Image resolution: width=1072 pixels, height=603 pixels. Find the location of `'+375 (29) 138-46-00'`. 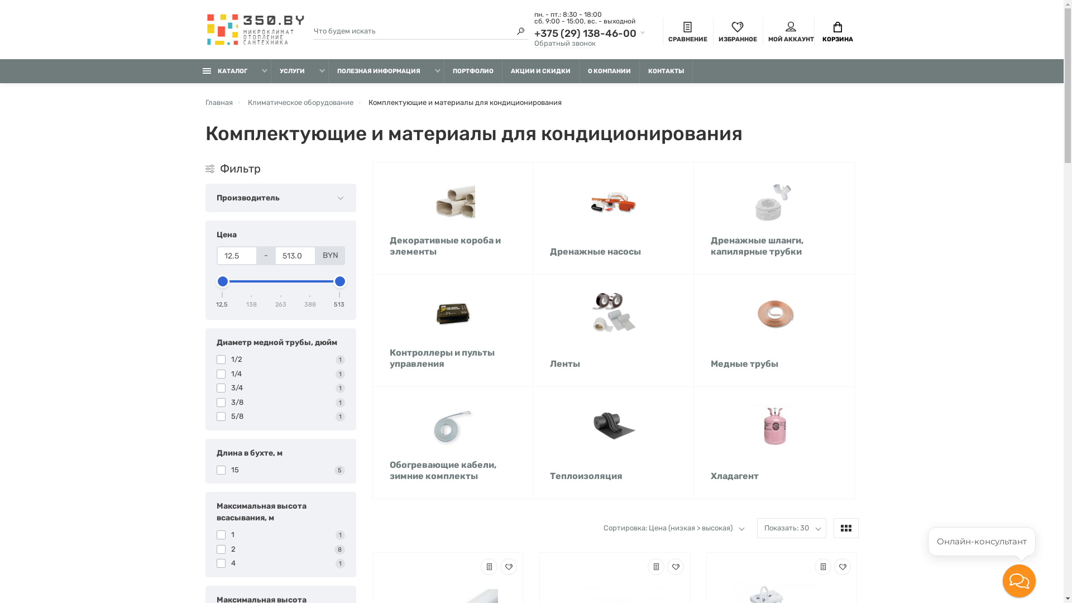

'+375 (29) 138-46-00' is located at coordinates (589, 33).